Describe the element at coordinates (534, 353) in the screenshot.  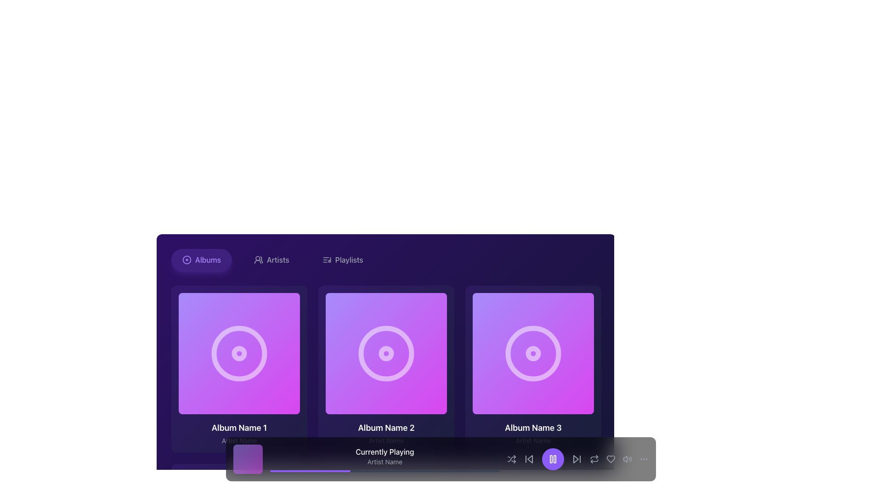
I see `the SVG-based Play Icon button, which is a triangular play symbol within a circular button` at that location.